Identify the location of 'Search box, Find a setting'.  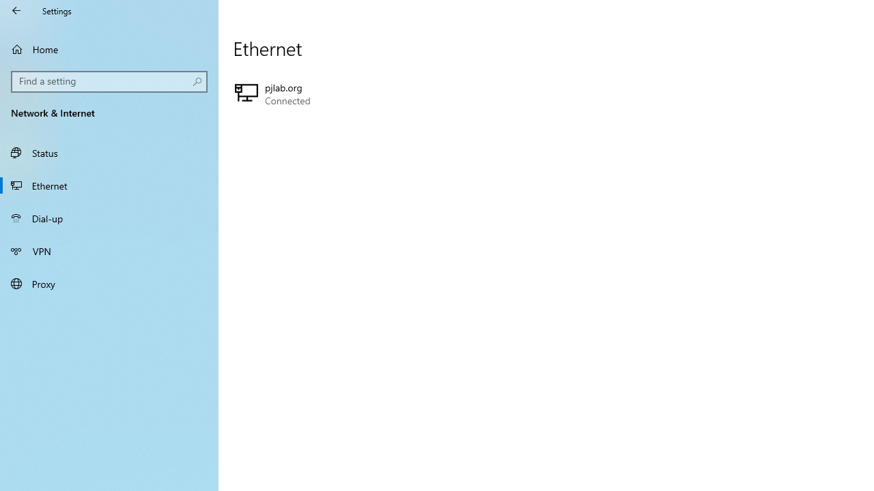
(109, 81).